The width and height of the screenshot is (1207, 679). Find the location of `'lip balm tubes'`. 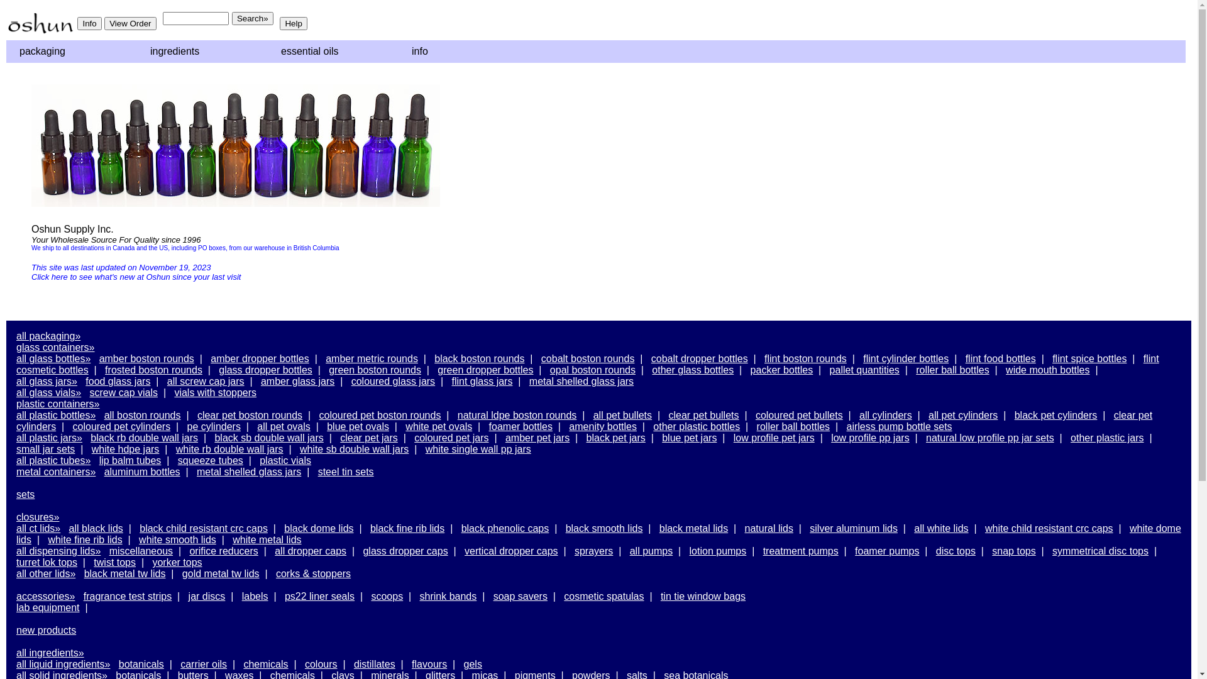

'lip balm tubes' is located at coordinates (99, 460).